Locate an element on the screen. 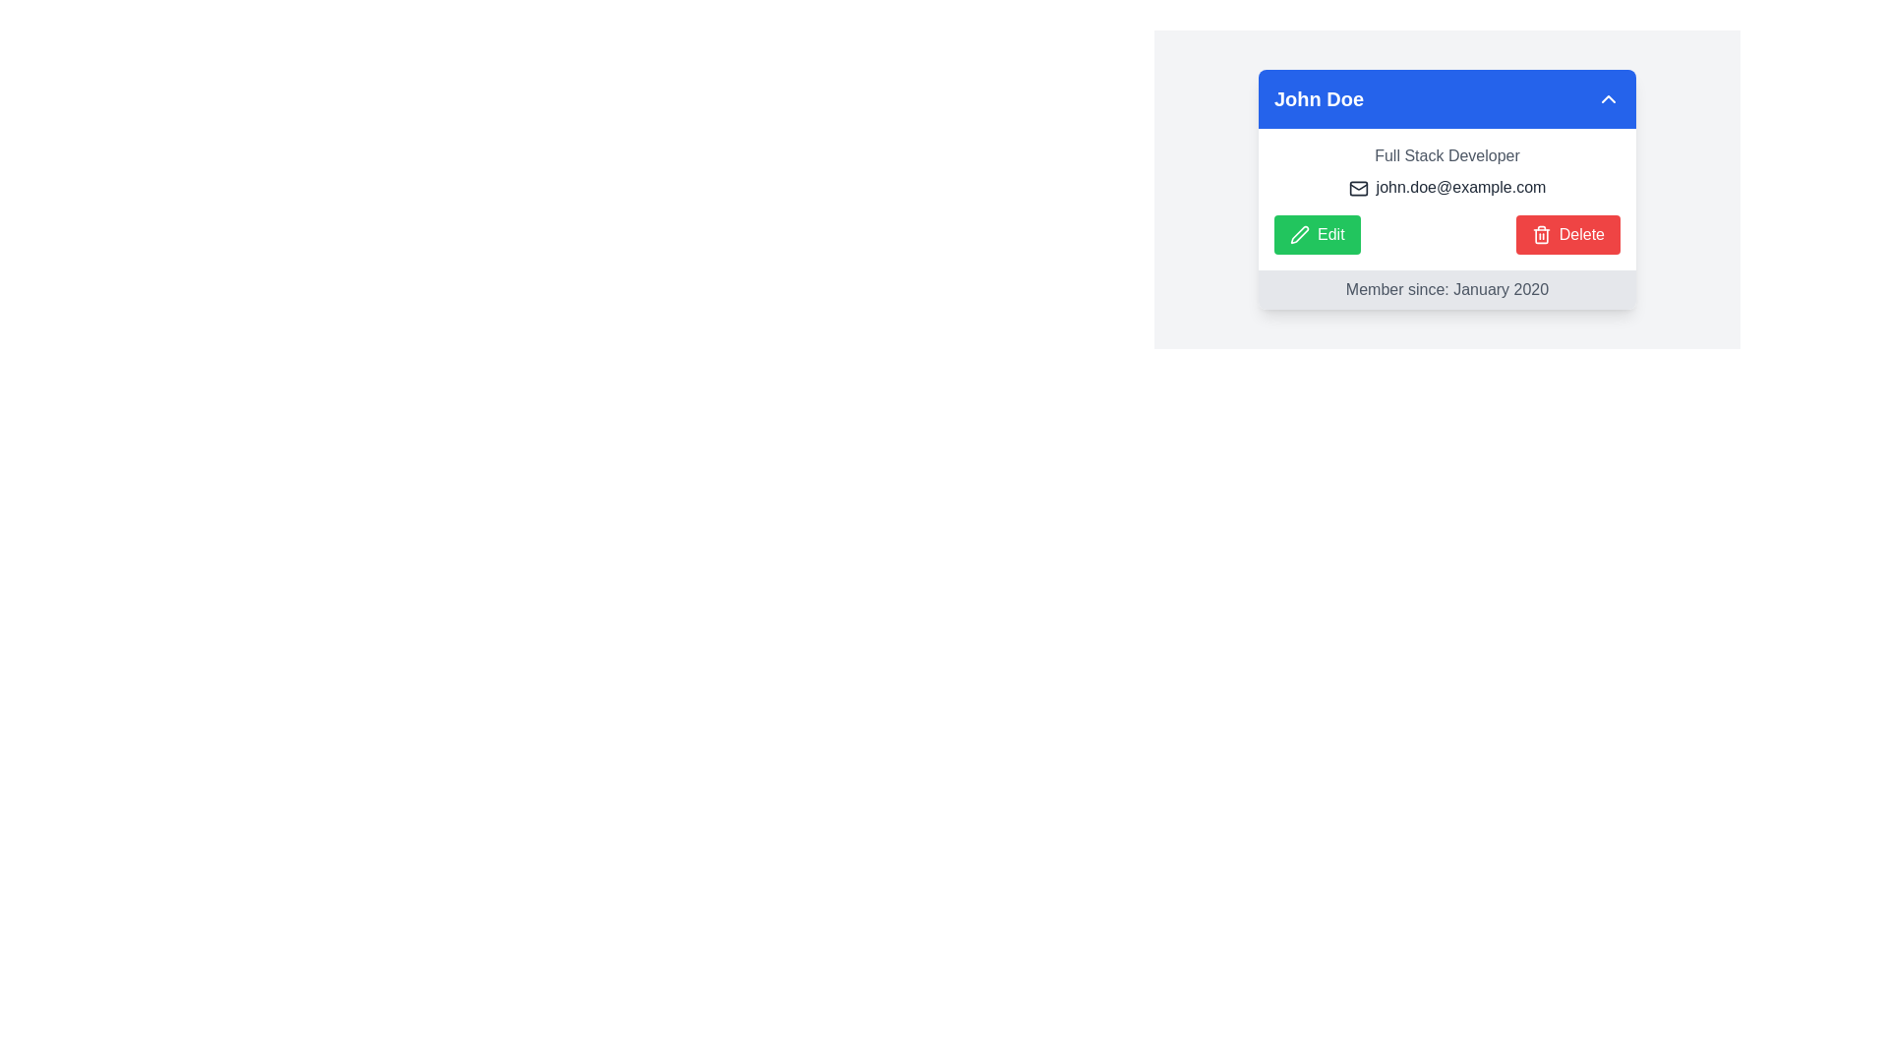  the Chevron icon located in the top right corner of the blue header section is located at coordinates (1609, 98).